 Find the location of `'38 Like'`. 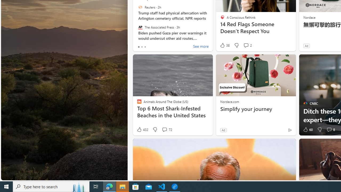

'38 Like' is located at coordinates (225, 45).